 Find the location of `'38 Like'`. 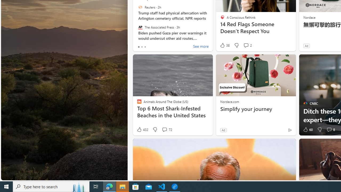

'38 Like' is located at coordinates (225, 45).